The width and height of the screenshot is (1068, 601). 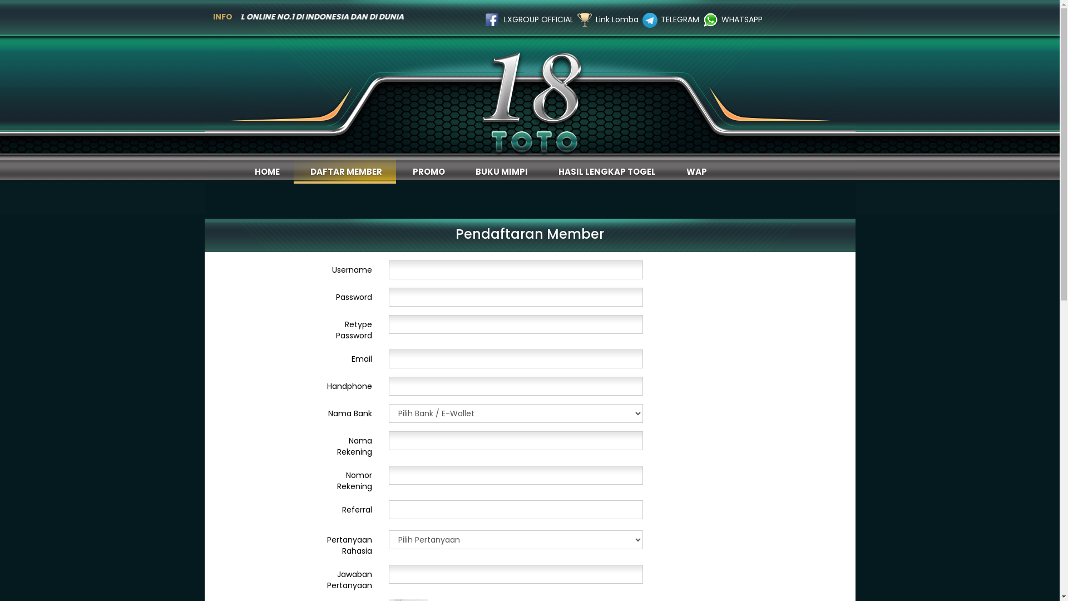 What do you see at coordinates (669, 171) in the screenshot?
I see `'WAP'` at bounding box center [669, 171].